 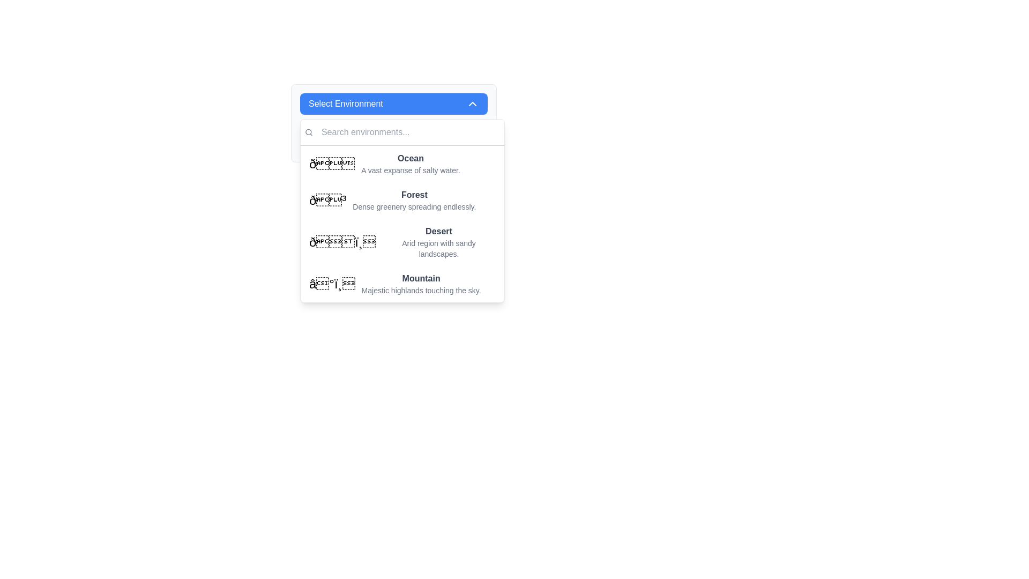 I want to click on the items in the dropdown menu that appears below the 'Select Environment' button, so click(x=401, y=211).